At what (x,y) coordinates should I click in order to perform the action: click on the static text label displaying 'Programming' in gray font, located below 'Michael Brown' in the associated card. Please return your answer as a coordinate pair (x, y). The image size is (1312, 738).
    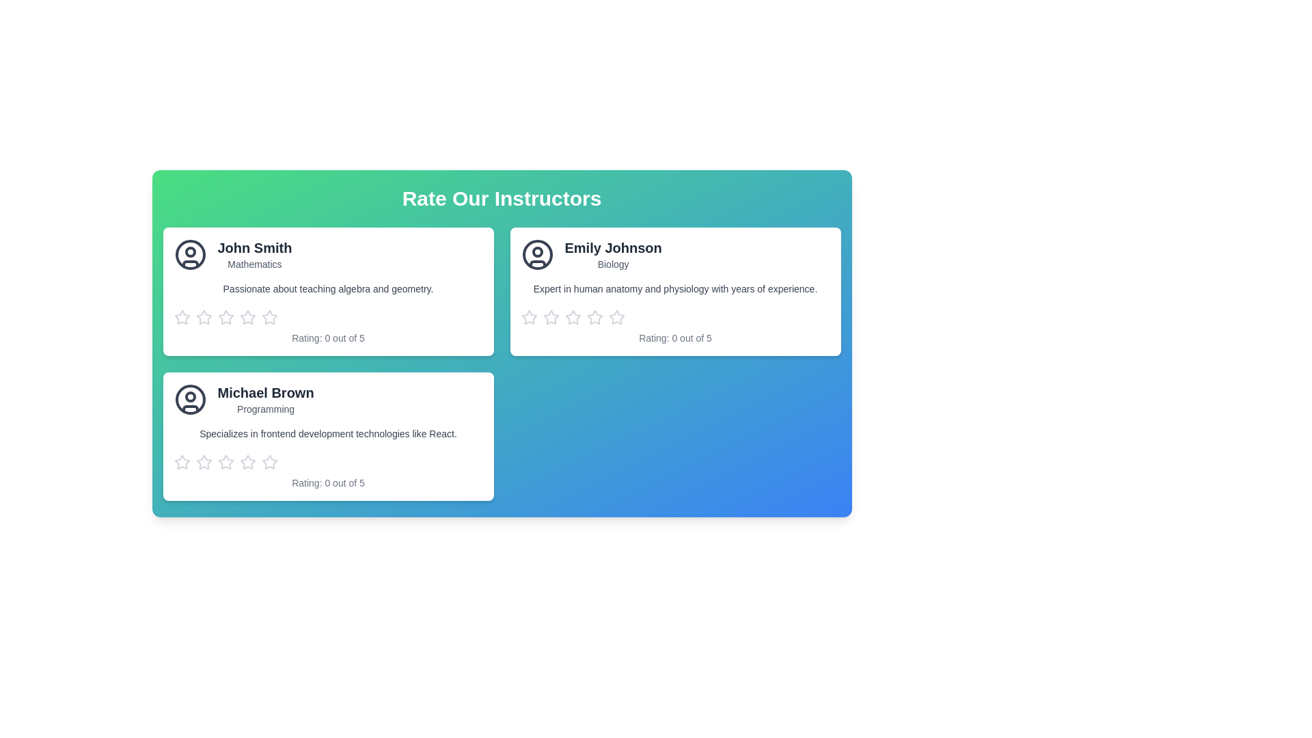
    Looking at the image, I should click on (265, 408).